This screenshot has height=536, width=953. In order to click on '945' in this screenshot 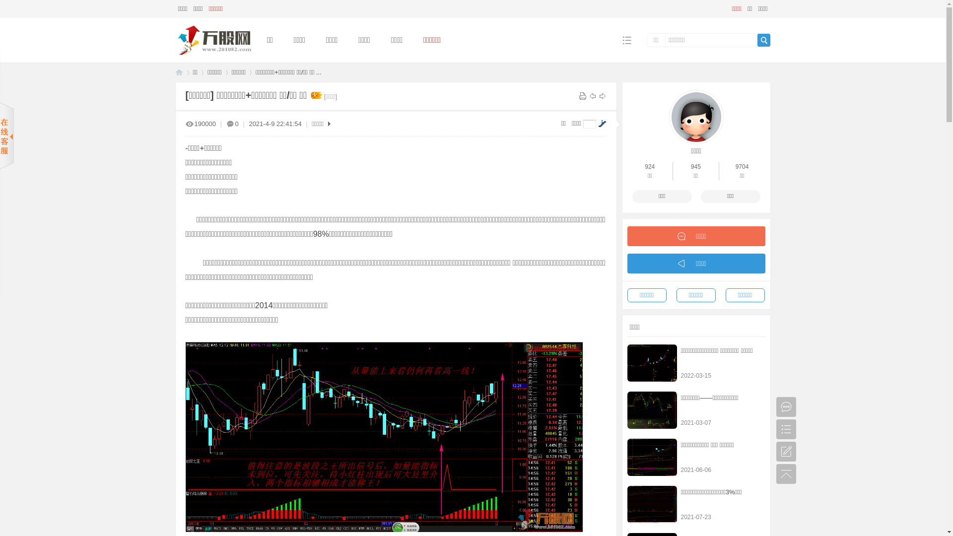, I will do `click(695, 166)`.